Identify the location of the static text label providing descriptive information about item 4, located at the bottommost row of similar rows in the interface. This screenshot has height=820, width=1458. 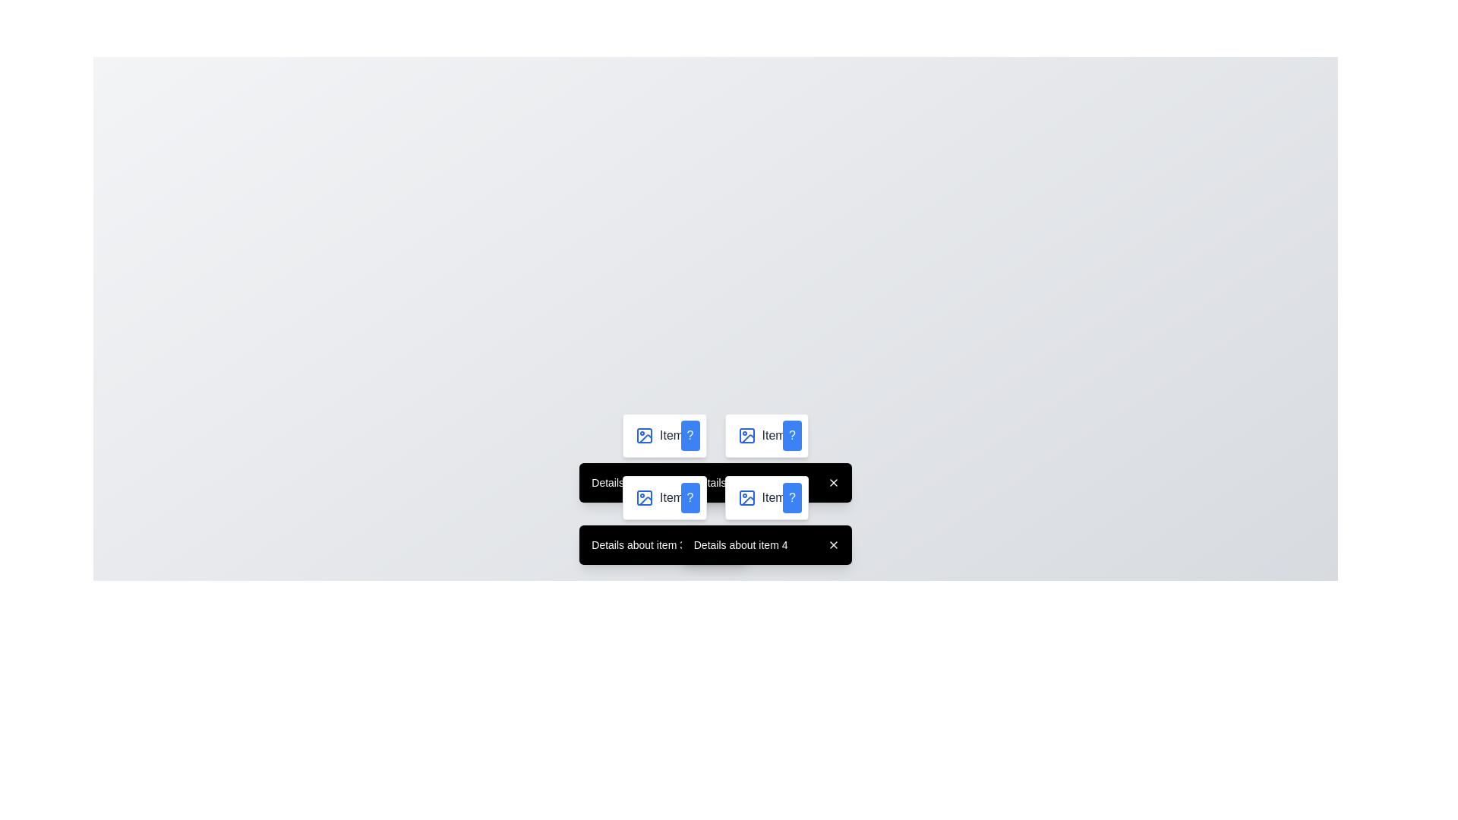
(740, 544).